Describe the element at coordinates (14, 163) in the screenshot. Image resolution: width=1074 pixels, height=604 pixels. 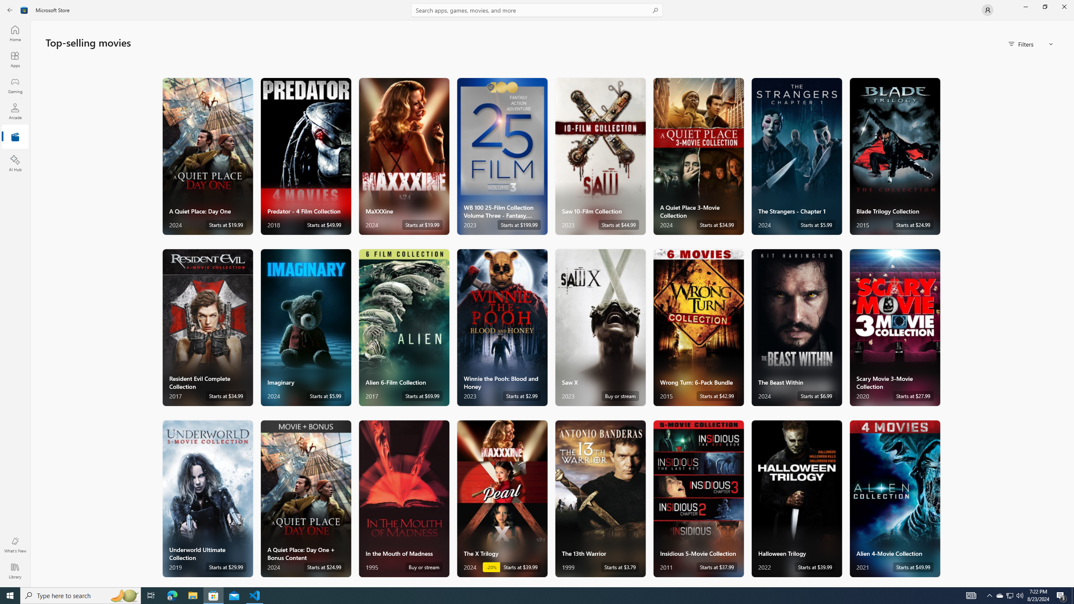
I see `'AI Hub'` at that location.